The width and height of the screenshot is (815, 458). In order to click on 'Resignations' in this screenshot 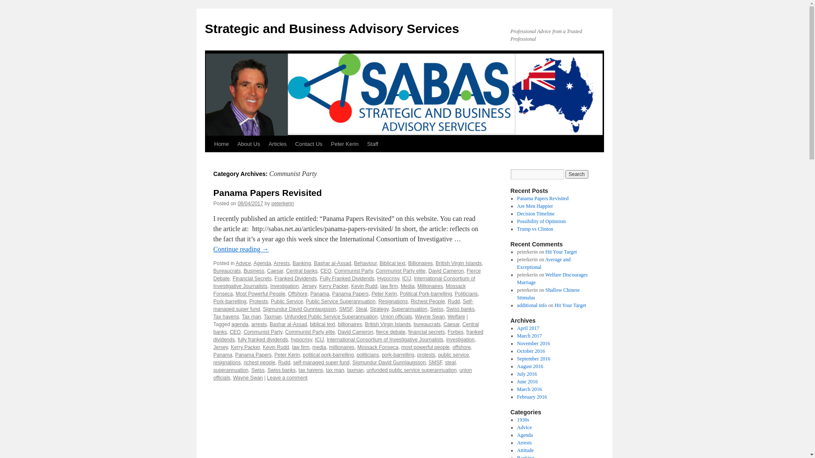, I will do `click(392, 301)`.